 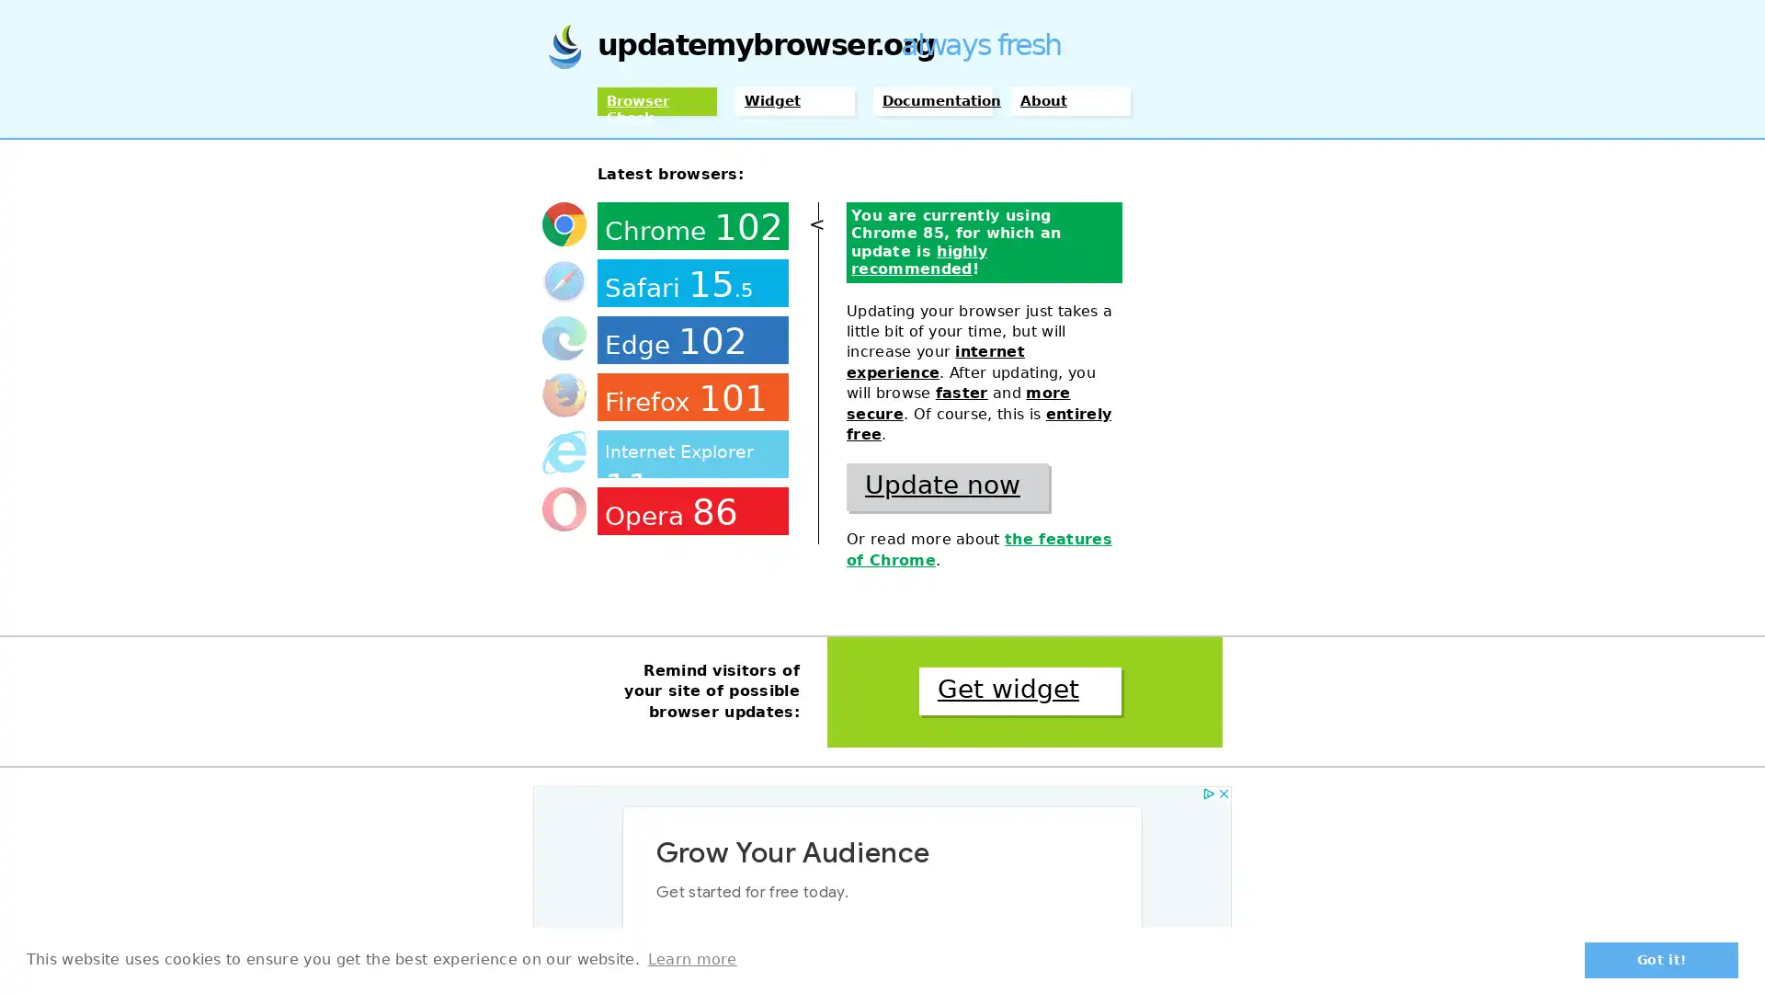 What do you see at coordinates (1661, 959) in the screenshot?
I see `dismiss cookie message` at bounding box center [1661, 959].